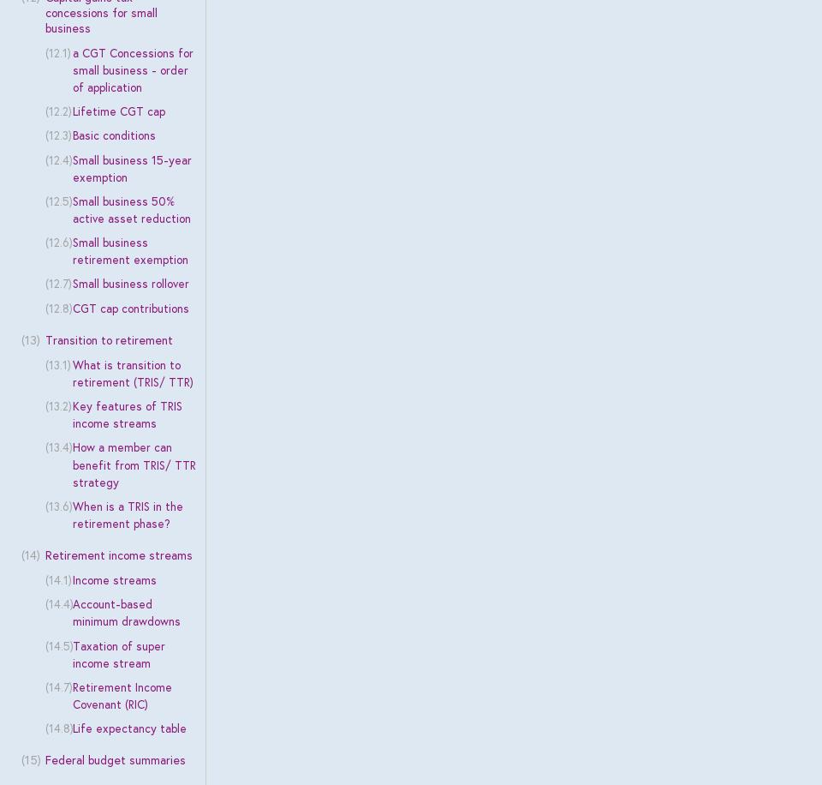  I want to click on 'a CGT Concessions for small business - order of application', so click(131, 69).